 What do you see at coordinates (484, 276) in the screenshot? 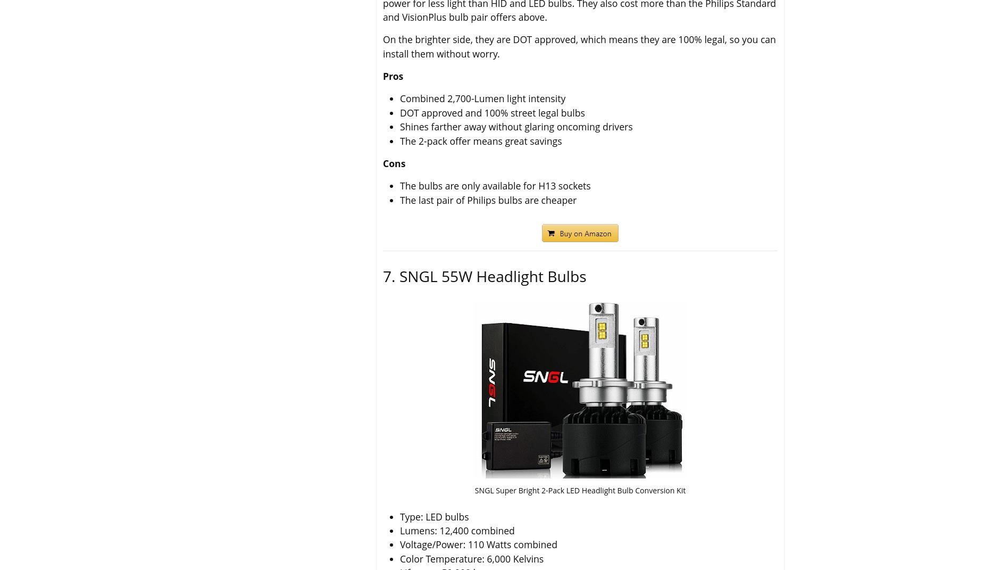
I see `'7. SNGL 55W Headlight Bulbs'` at bounding box center [484, 276].